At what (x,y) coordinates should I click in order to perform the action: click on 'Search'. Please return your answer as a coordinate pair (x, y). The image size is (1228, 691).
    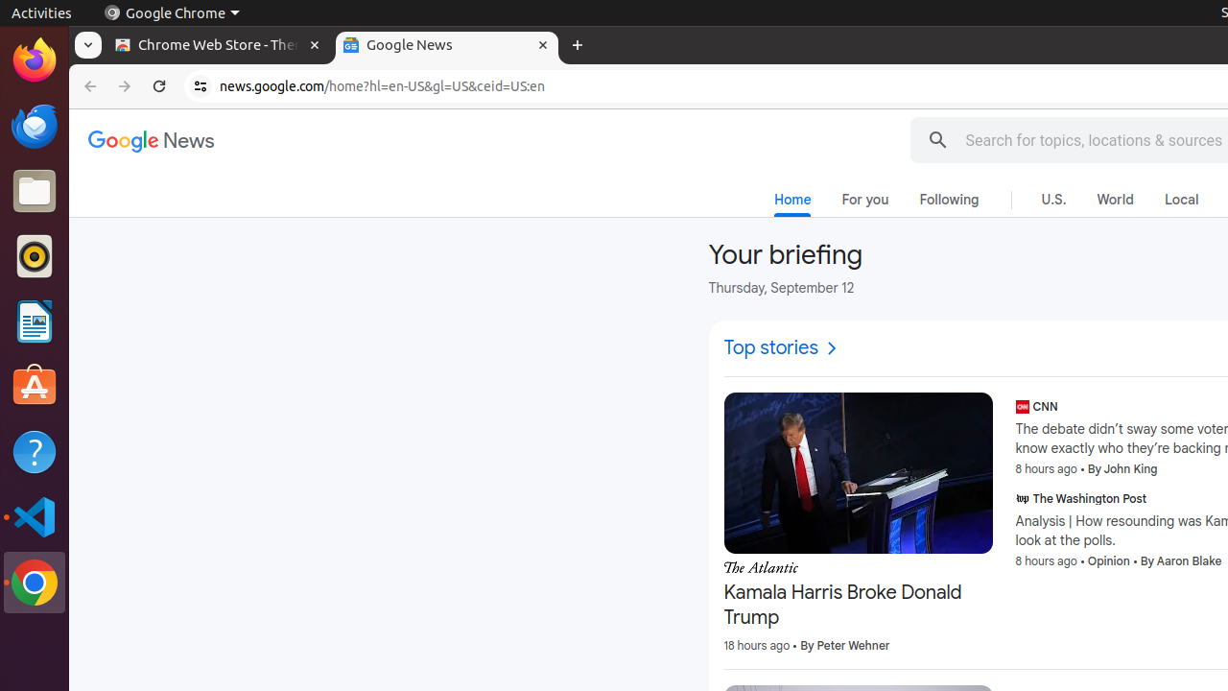
    Looking at the image, I should click on (937, 139).